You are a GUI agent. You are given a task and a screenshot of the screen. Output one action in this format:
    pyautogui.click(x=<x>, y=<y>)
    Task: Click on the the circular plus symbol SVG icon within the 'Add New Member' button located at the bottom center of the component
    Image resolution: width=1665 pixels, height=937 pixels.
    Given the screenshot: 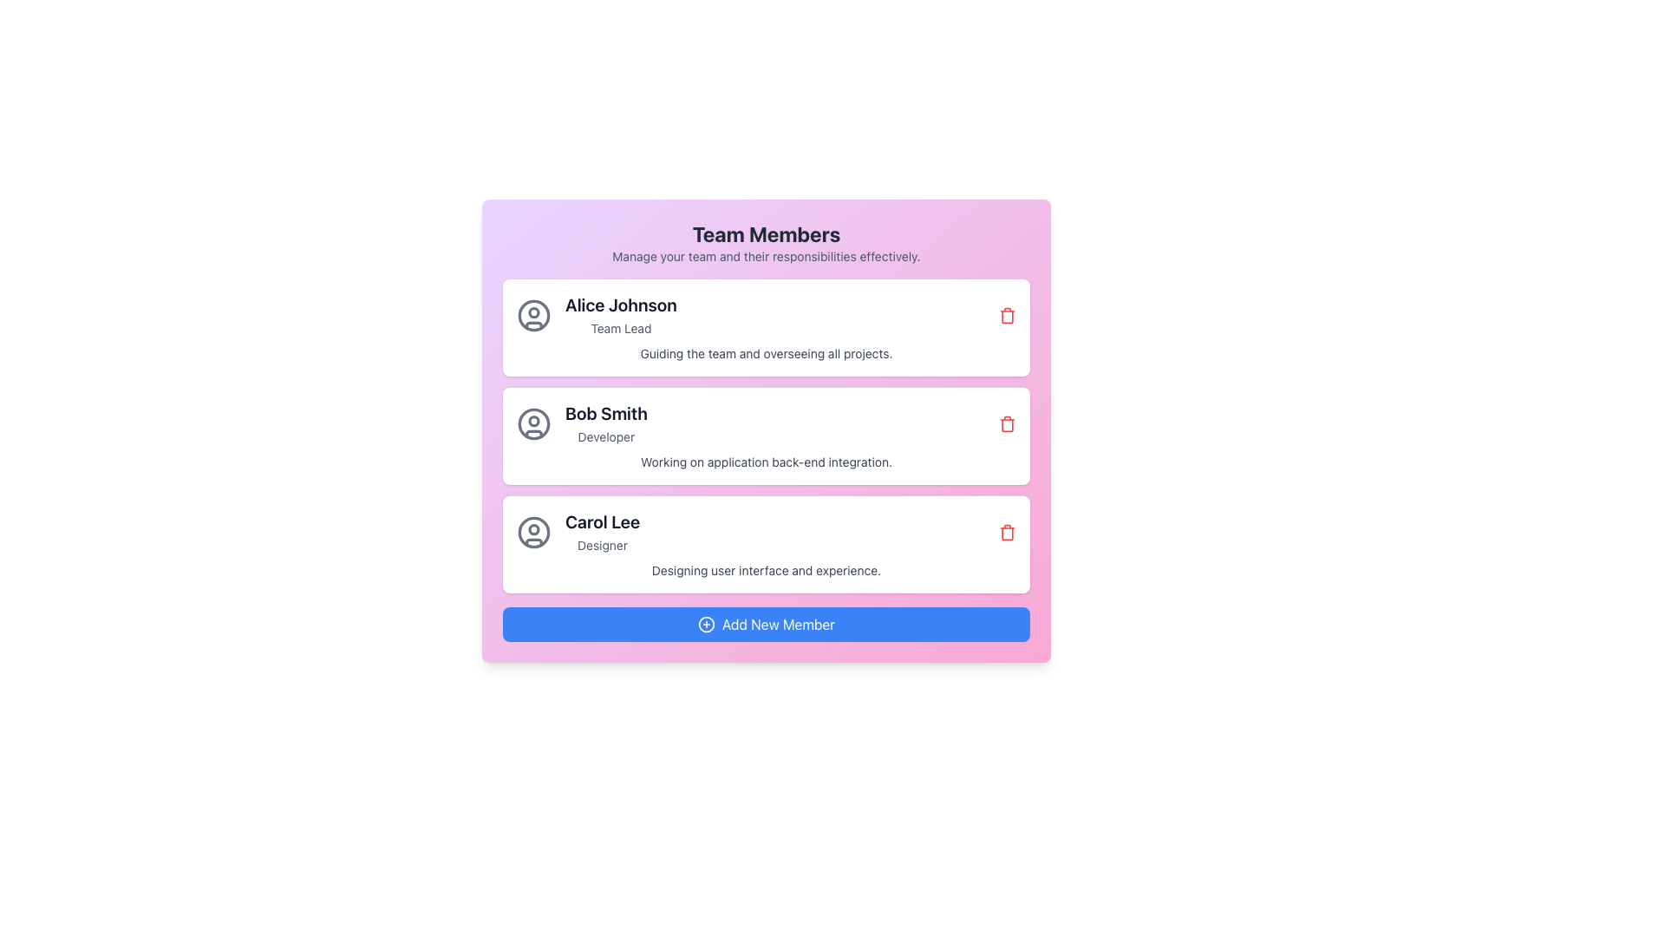 What is the action you would take?
    pyautogui.click(x=706, y=625)
    